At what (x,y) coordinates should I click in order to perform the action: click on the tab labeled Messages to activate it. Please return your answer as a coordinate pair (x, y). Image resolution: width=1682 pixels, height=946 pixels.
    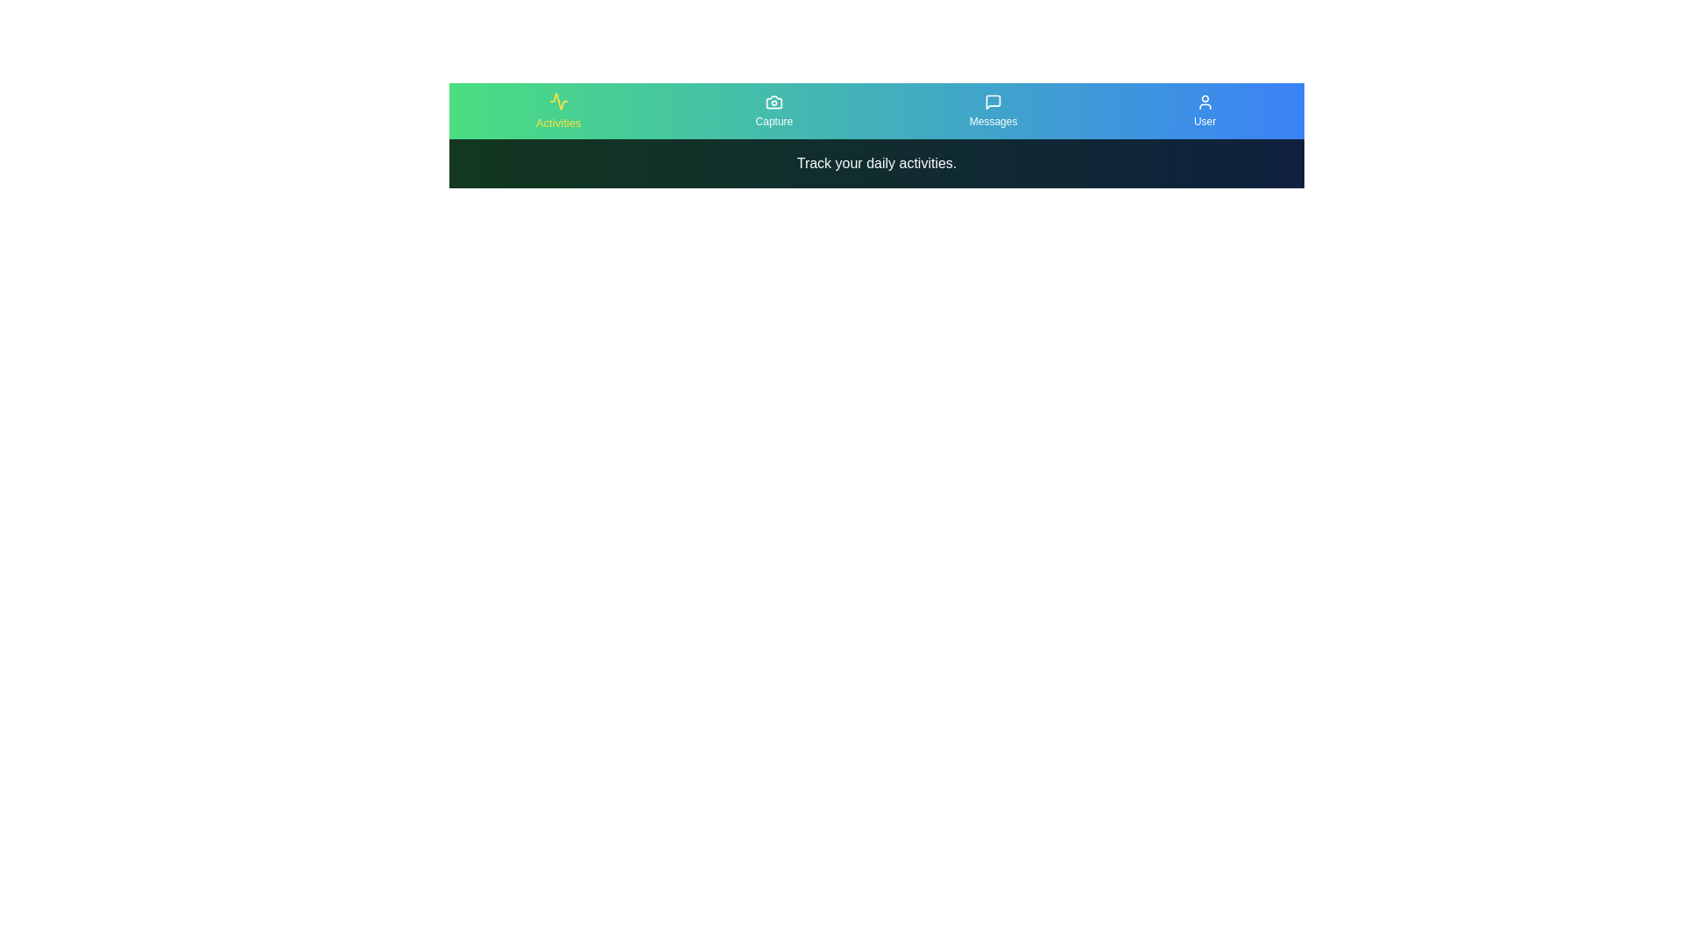
    Looking at the image, I should click on (993, 111).